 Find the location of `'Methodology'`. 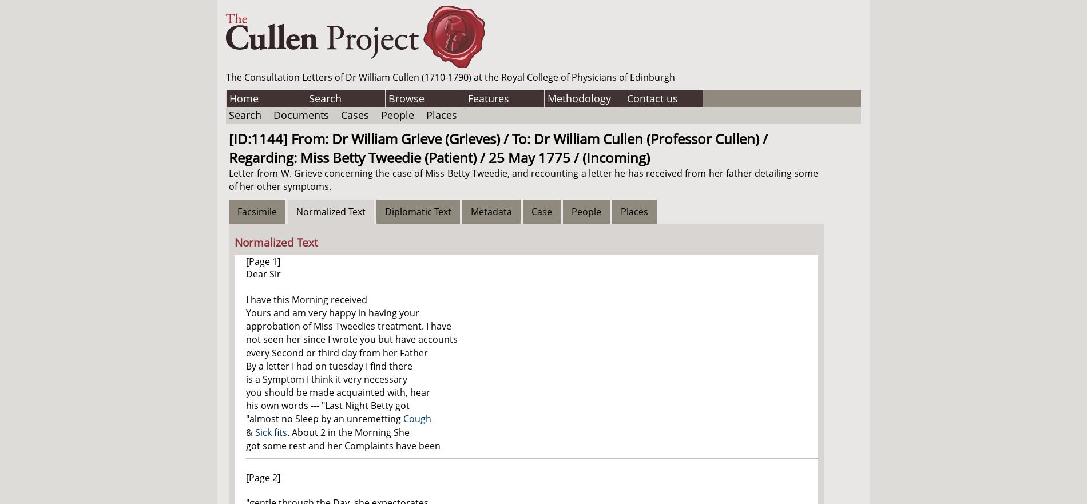

'Methodology' is located at coordinates (579, 98).